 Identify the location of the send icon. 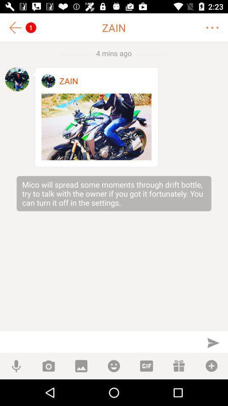
(213, 343).